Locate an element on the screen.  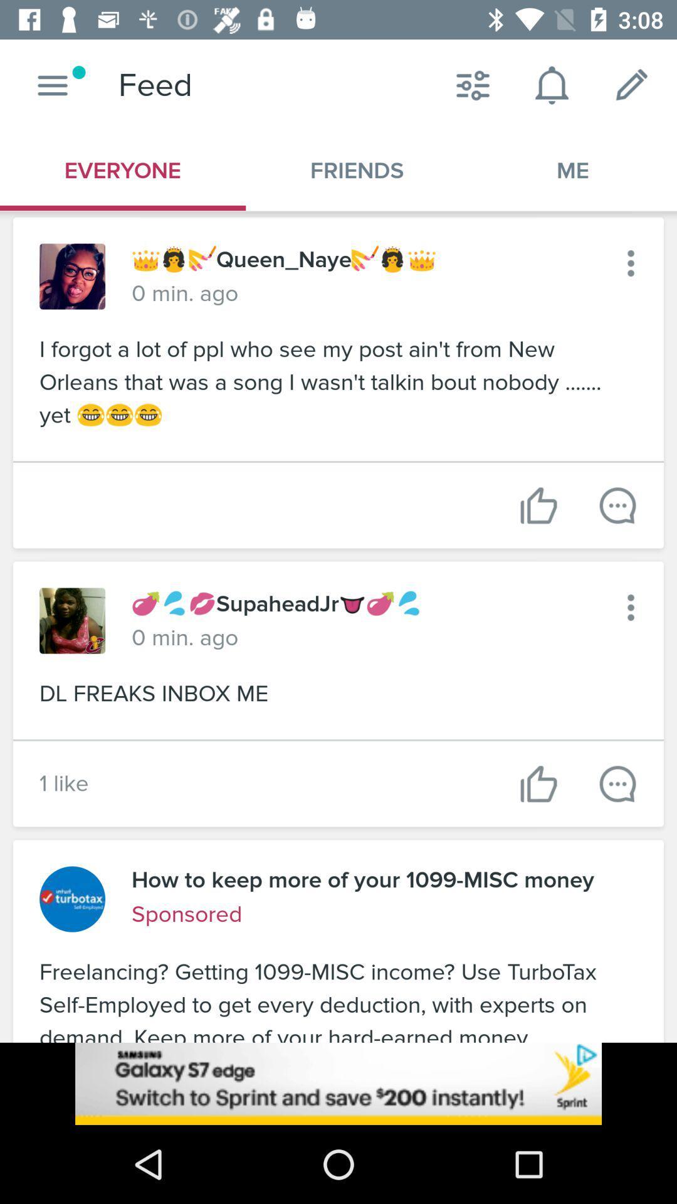
likes is located at coordinates (538, 783).